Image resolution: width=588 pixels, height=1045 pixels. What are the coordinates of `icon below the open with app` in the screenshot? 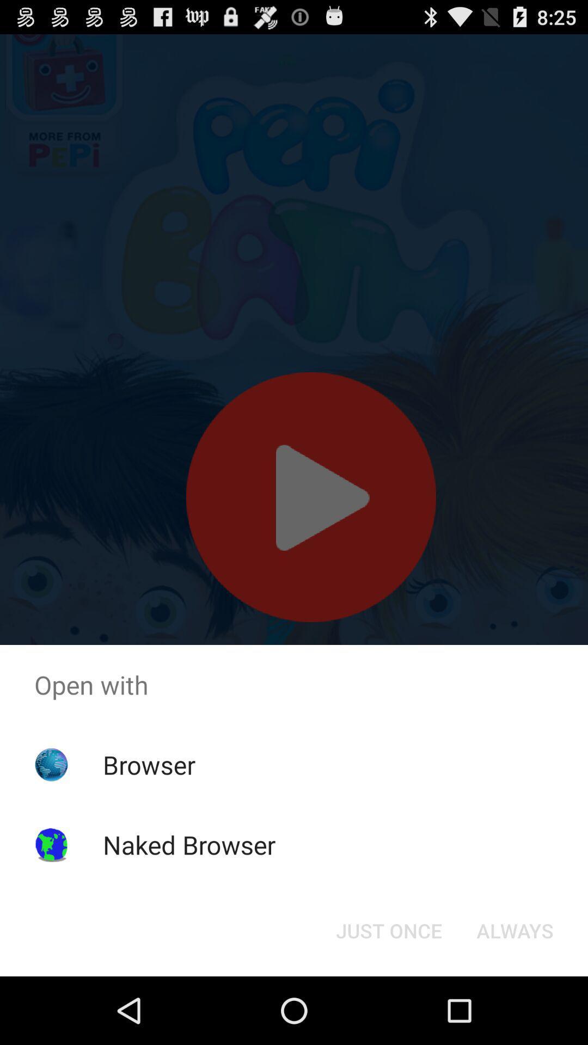 It's located at (388, 930).